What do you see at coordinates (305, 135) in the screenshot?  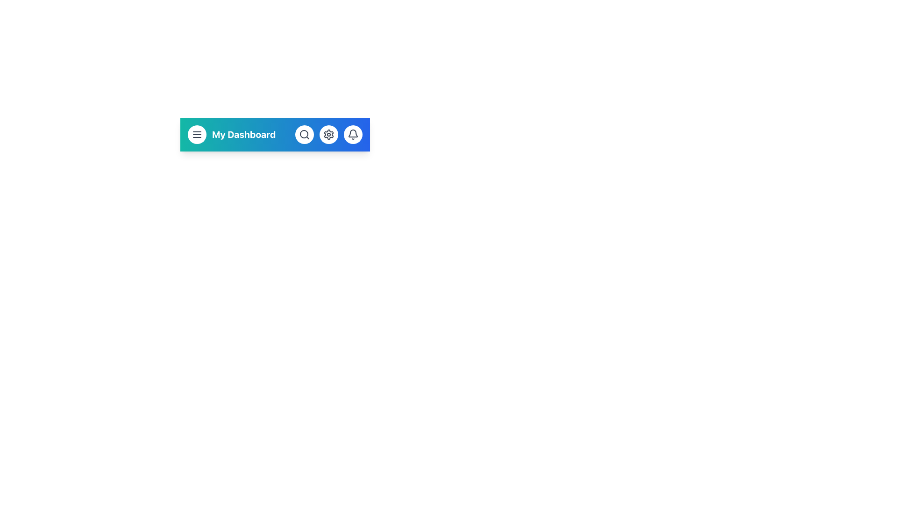 I see `the magnifying glass icon button, which is the second from the left in a horizontal row of four icons in the navigation bar` at bounding box center [305, 135].